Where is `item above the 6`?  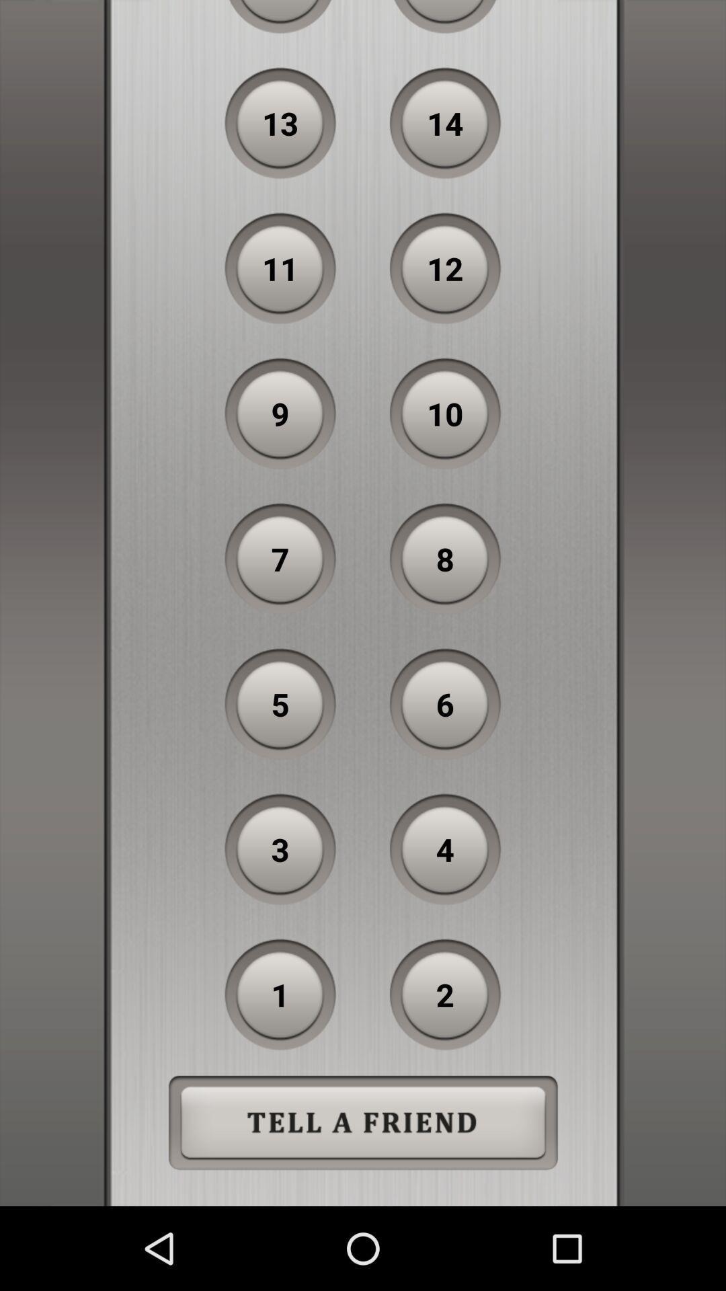
item above the 6 is located at coordinates (445, 559).